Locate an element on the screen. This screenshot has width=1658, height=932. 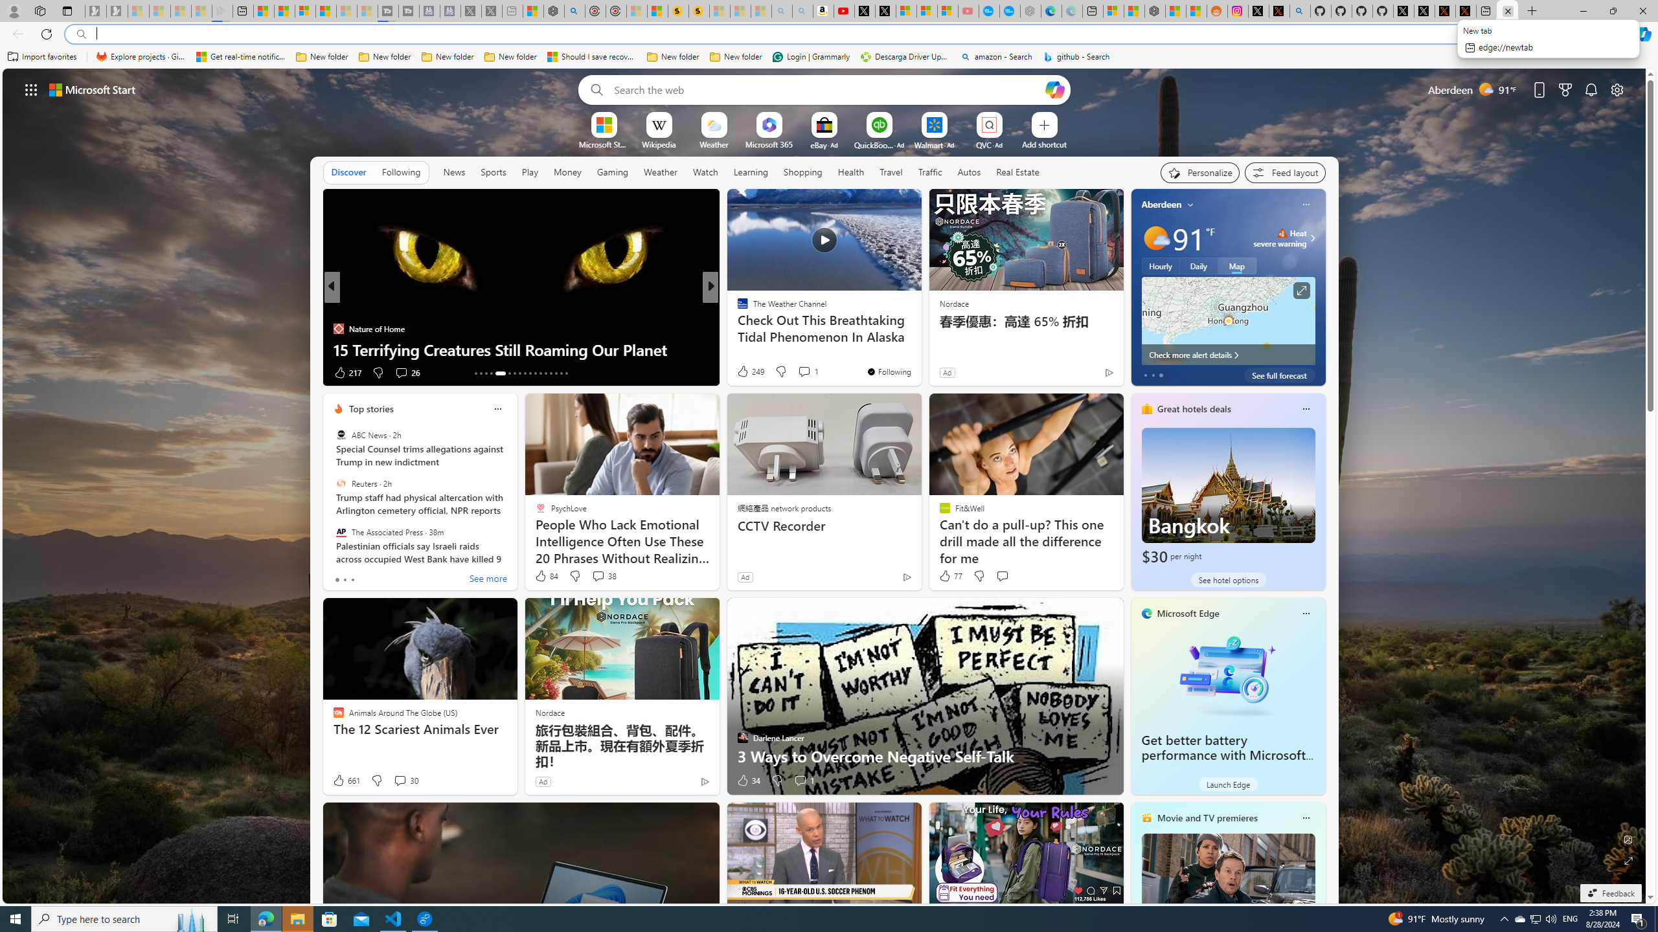
'My location' is located at coordinates (1190, 204).